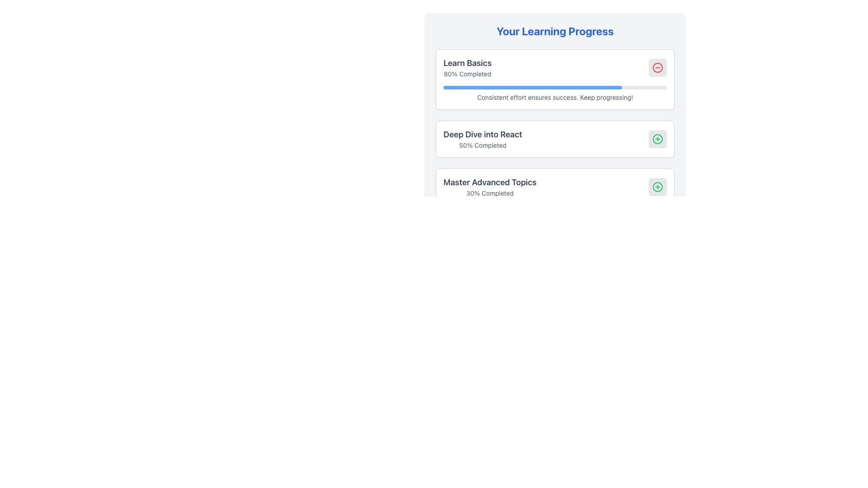  I want to click on the small circular shape with a green outline that is part of the SVG illustration, positioned at the right side of the 'Master Advanced Topics' progress bar in the 'Your Learning Progress' section, so click(657, 186).